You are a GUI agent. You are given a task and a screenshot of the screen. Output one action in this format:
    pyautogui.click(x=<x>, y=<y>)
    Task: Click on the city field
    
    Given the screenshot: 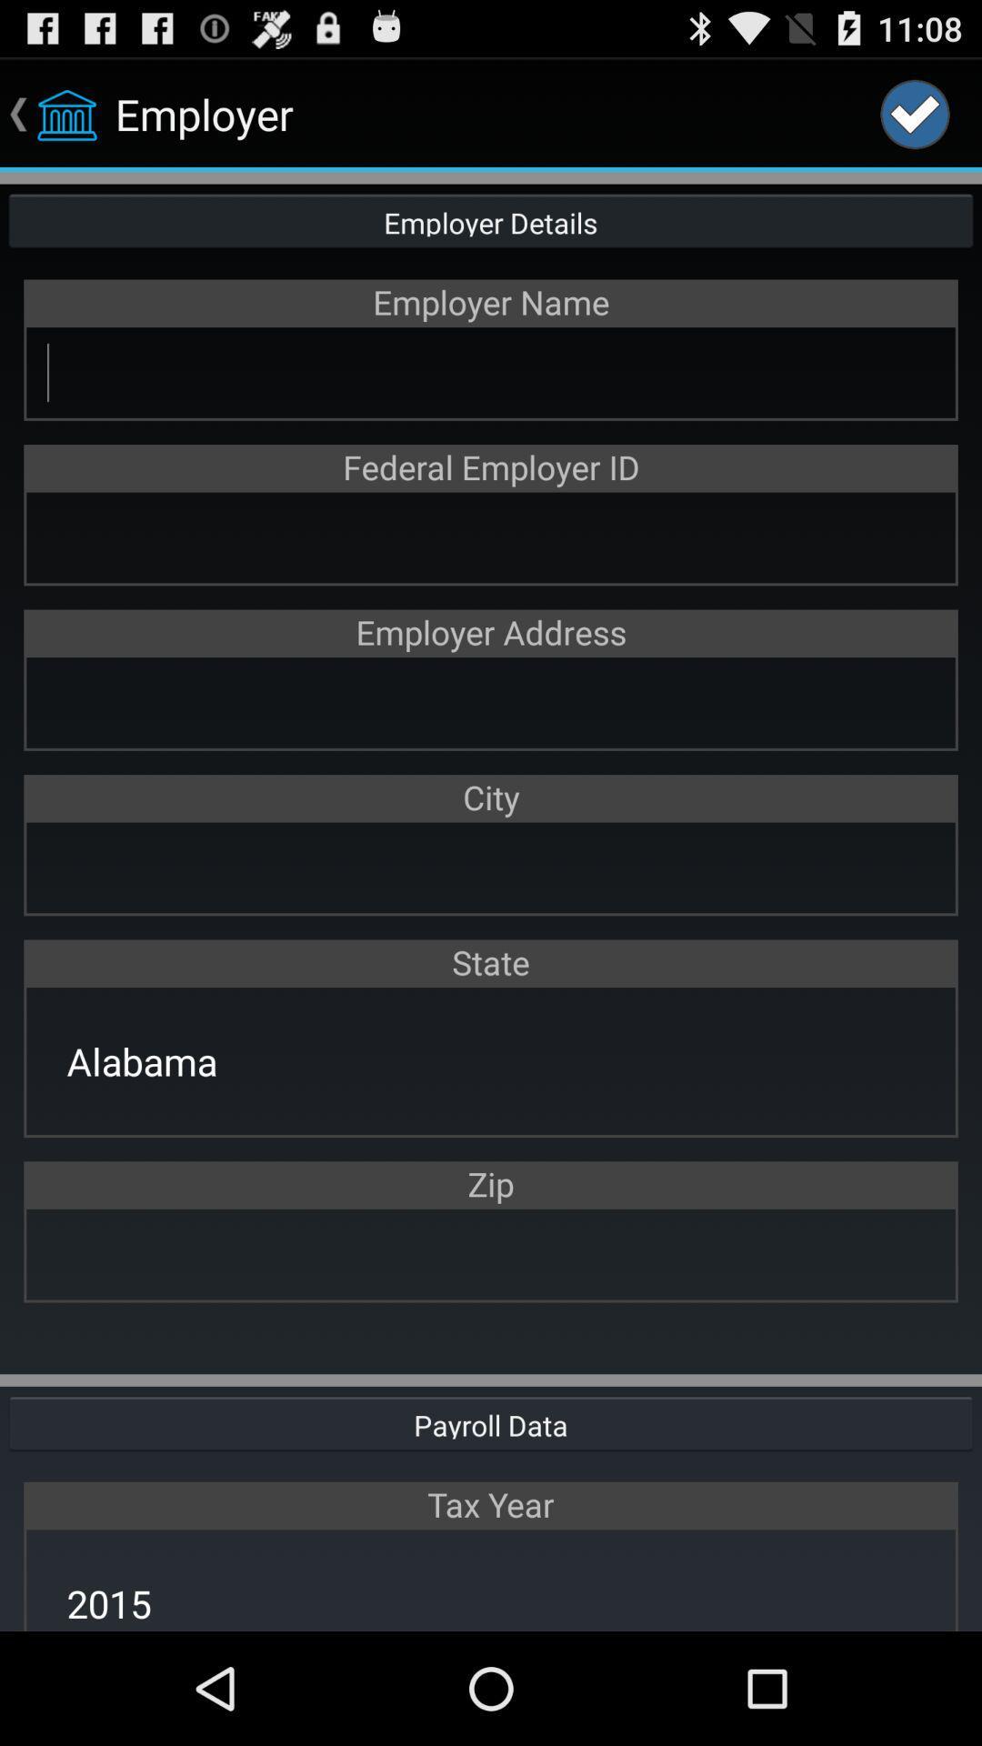 What is the action you would take?
    pyautogui.click(x=491, y=867)
    